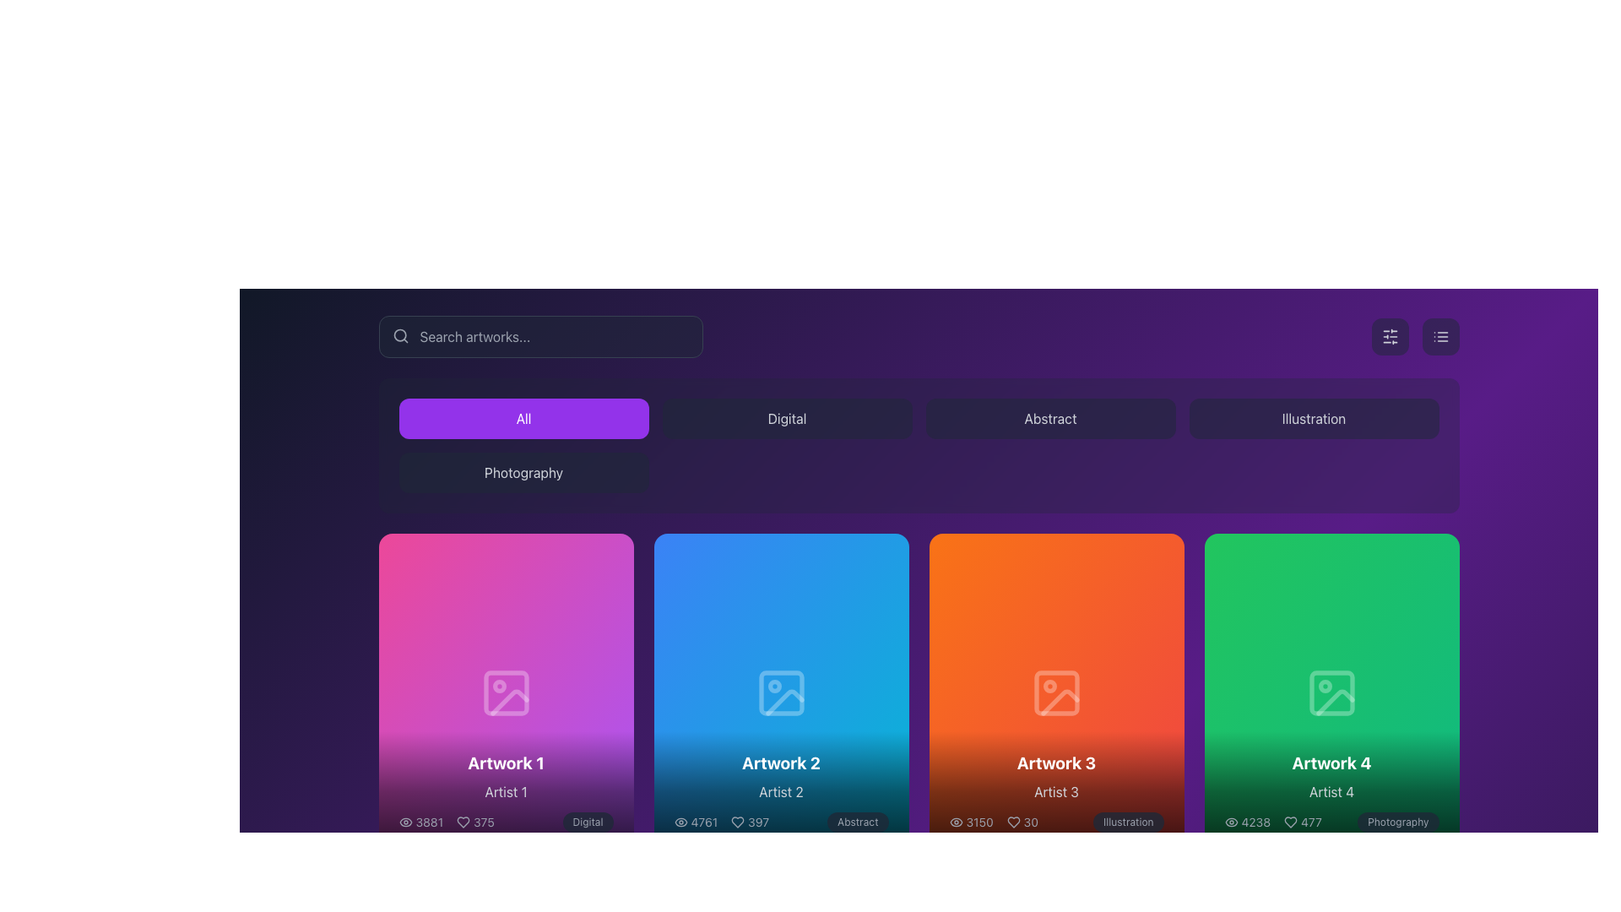  I want to click on the text label that identifies the artwork displayed on the orange card, which is the third card in a horizontal set of cards, so click(1055, 763).